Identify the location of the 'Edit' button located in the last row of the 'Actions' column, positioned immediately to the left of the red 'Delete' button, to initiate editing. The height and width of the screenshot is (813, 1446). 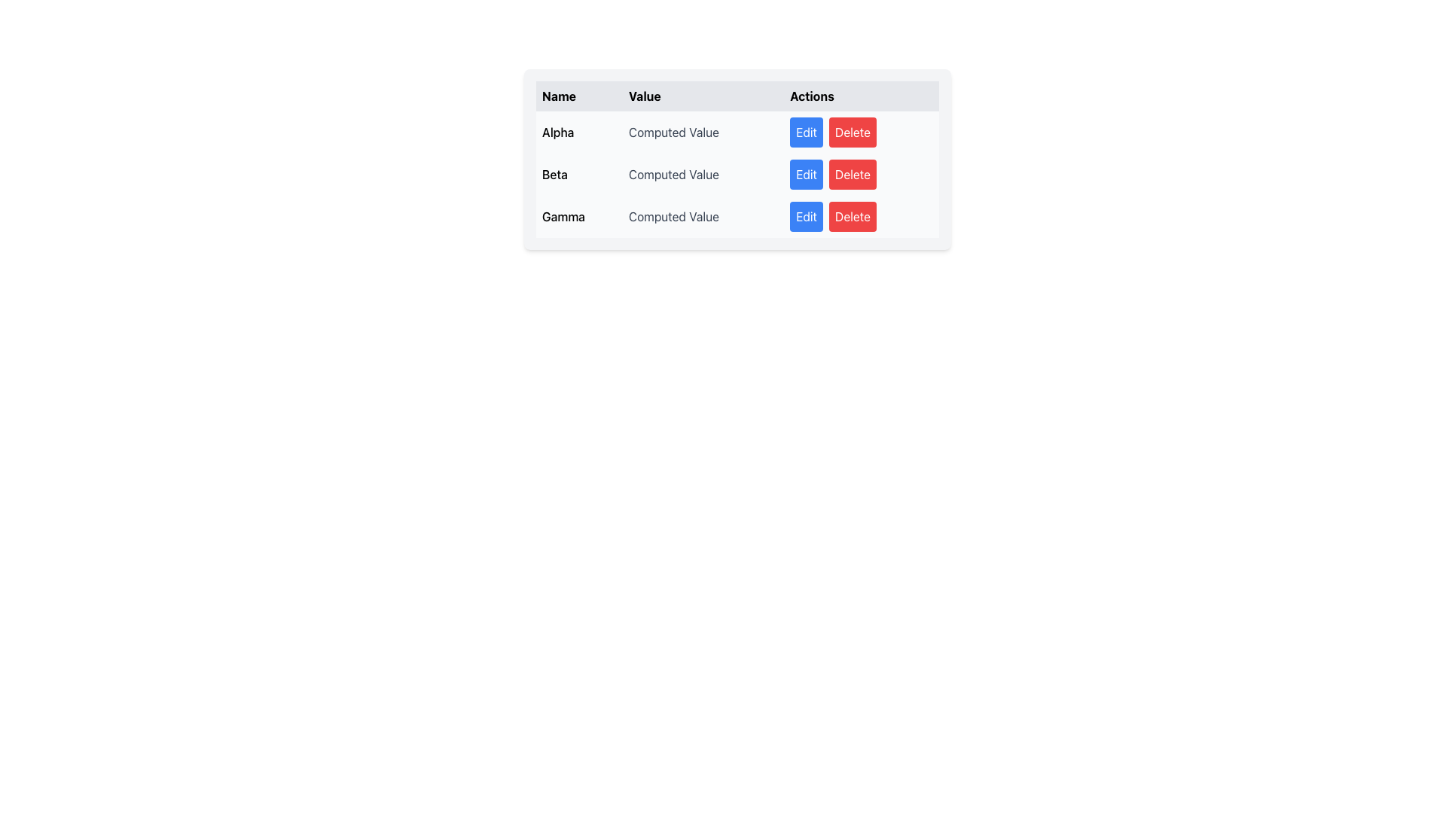
(805, 217).